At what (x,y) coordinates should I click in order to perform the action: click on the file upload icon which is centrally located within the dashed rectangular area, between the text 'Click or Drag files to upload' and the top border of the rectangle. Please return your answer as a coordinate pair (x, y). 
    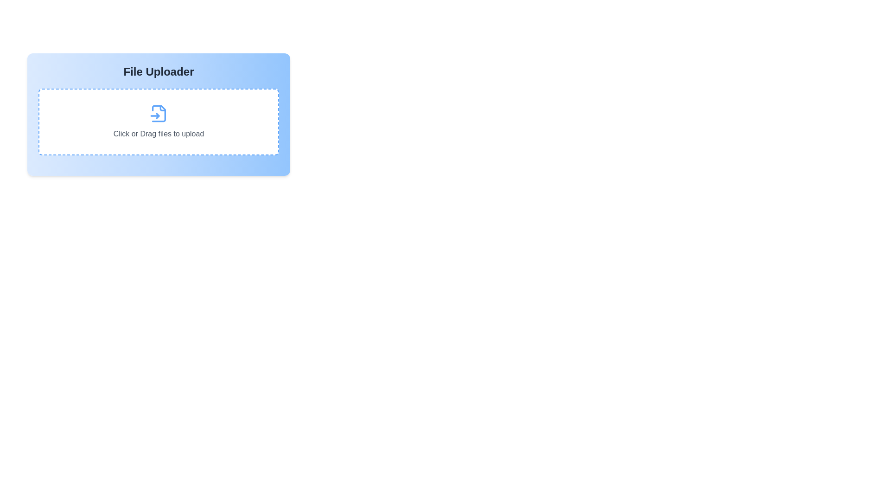
    Looking at the image, I should click on (159, 113).